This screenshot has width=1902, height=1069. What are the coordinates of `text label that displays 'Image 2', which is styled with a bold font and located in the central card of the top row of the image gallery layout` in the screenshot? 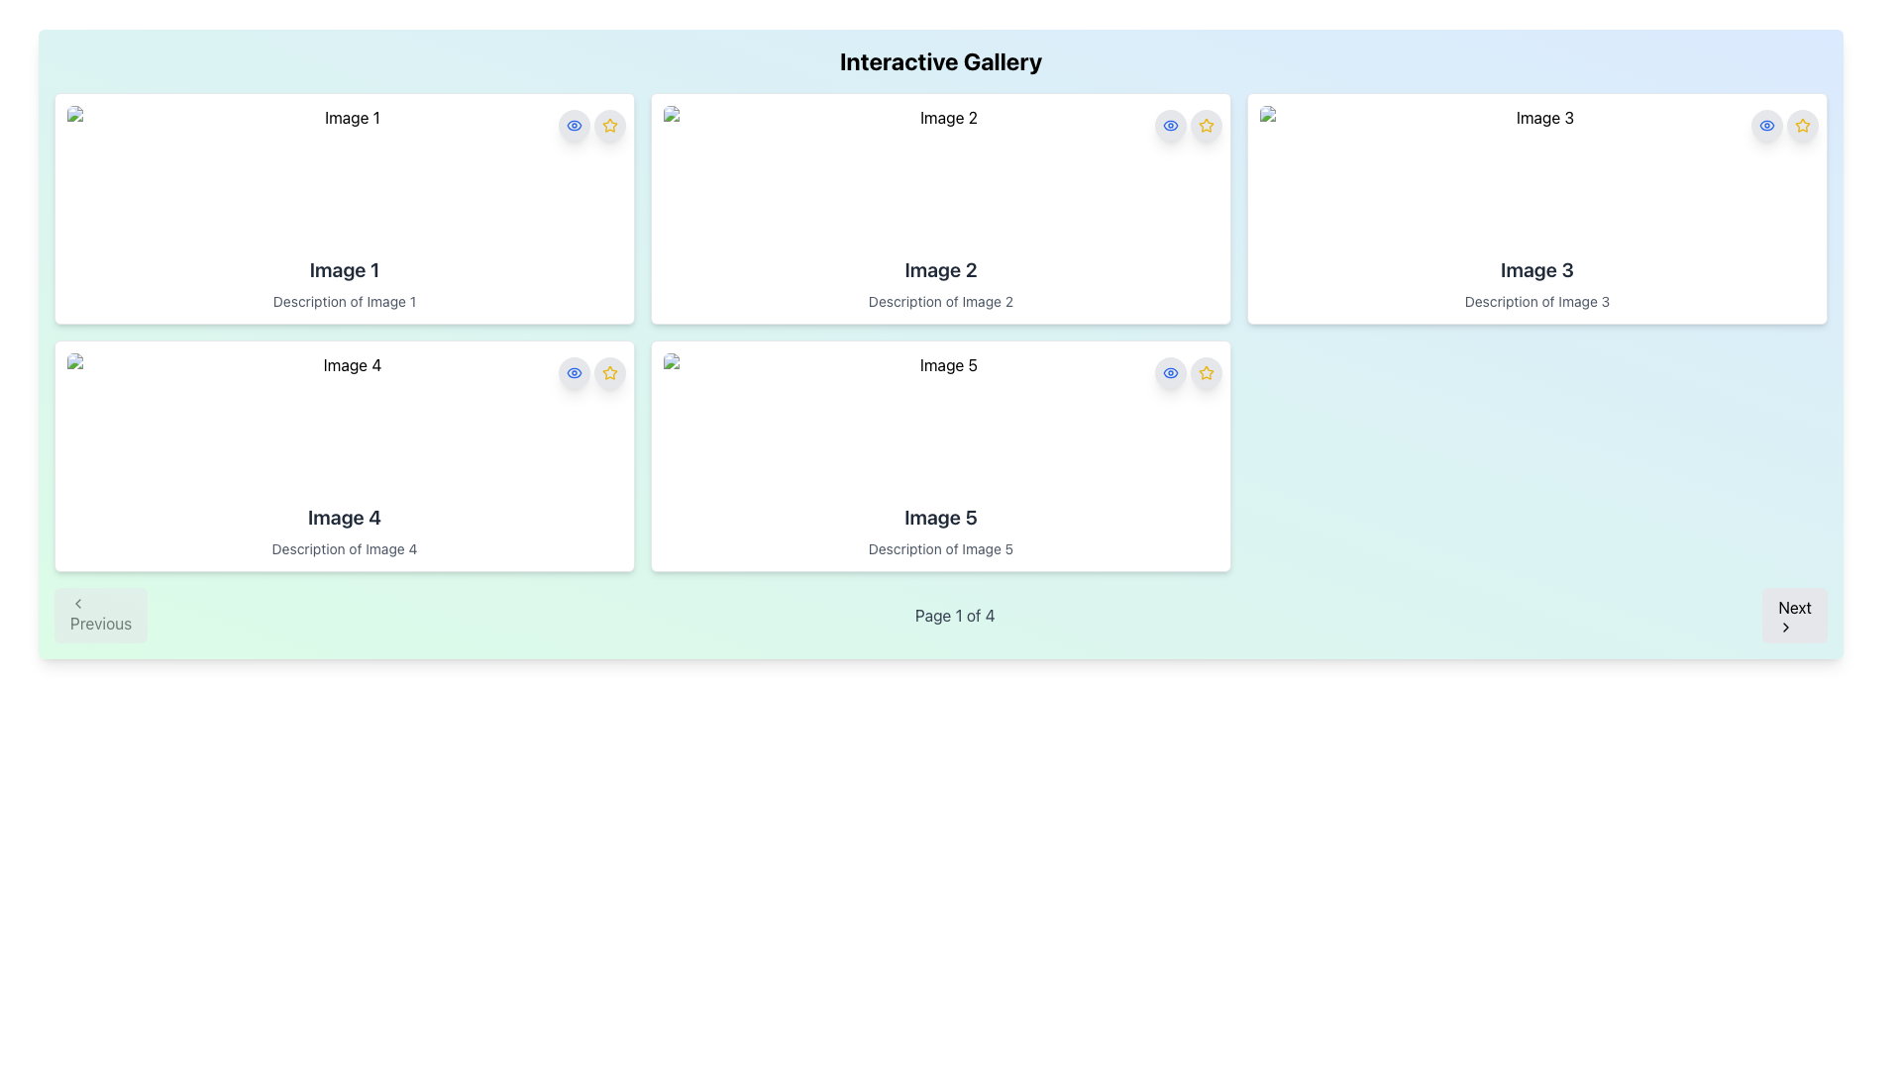 It's located at (940, 270).